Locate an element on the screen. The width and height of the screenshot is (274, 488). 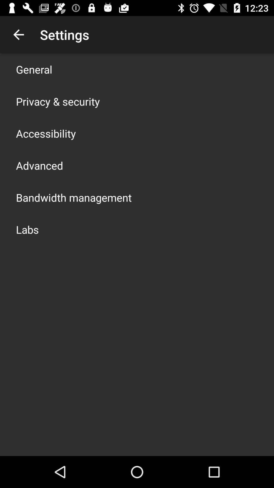
the item below general item is located at coordinates (58, 101).